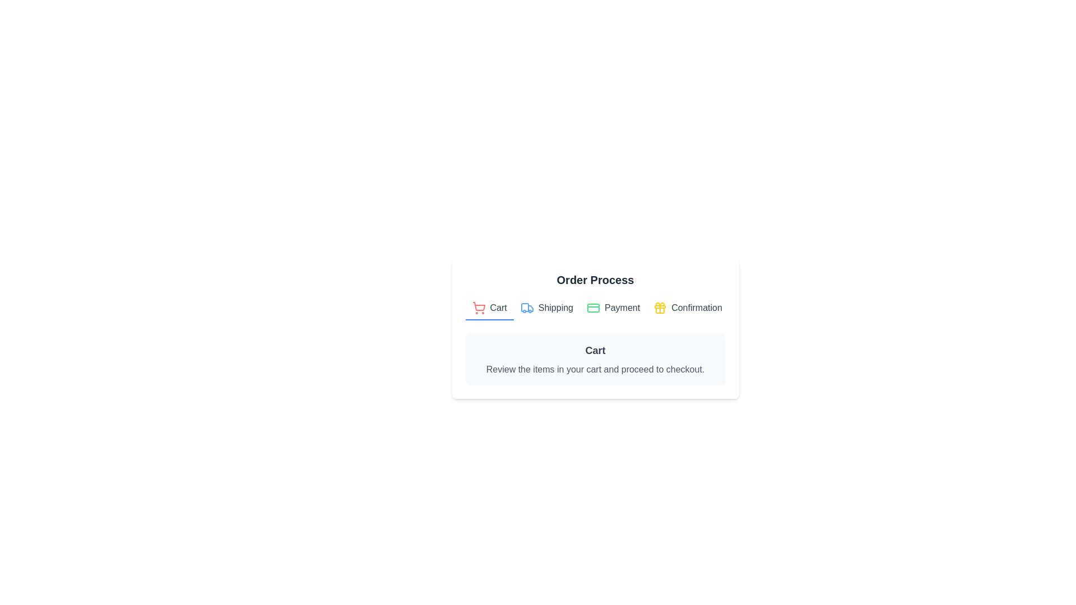 Image resolution: width=1076 pixels, height=605 pixels. What do you see at coordinates (687, 309) in the screenshot?
I see `the Confirmation tab to navigate to the corresponding step` at bounding box center [687, 309].